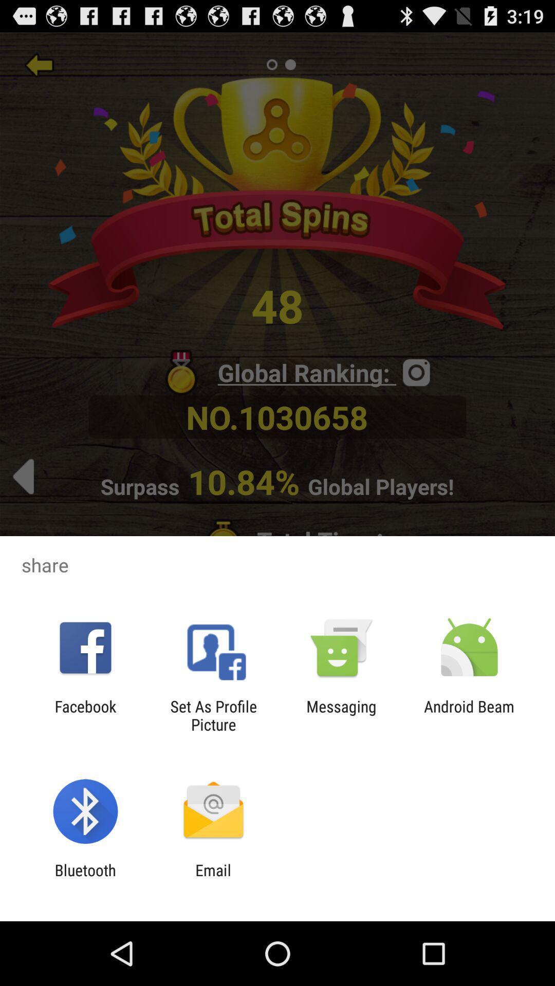 This screenshot has height=986, width=555. What do you see at coordinates (341, 715) in the screenshot?
I see `the messaging` at bounding box center [341, 715].